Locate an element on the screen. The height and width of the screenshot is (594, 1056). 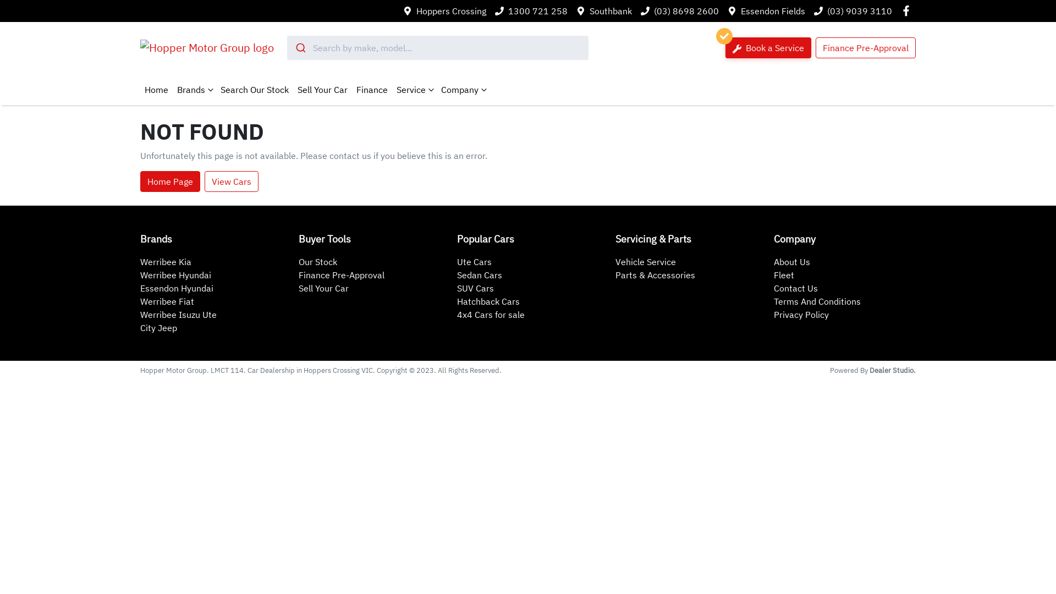
'Parts & Accessories' is located at coordinates (655, 274).